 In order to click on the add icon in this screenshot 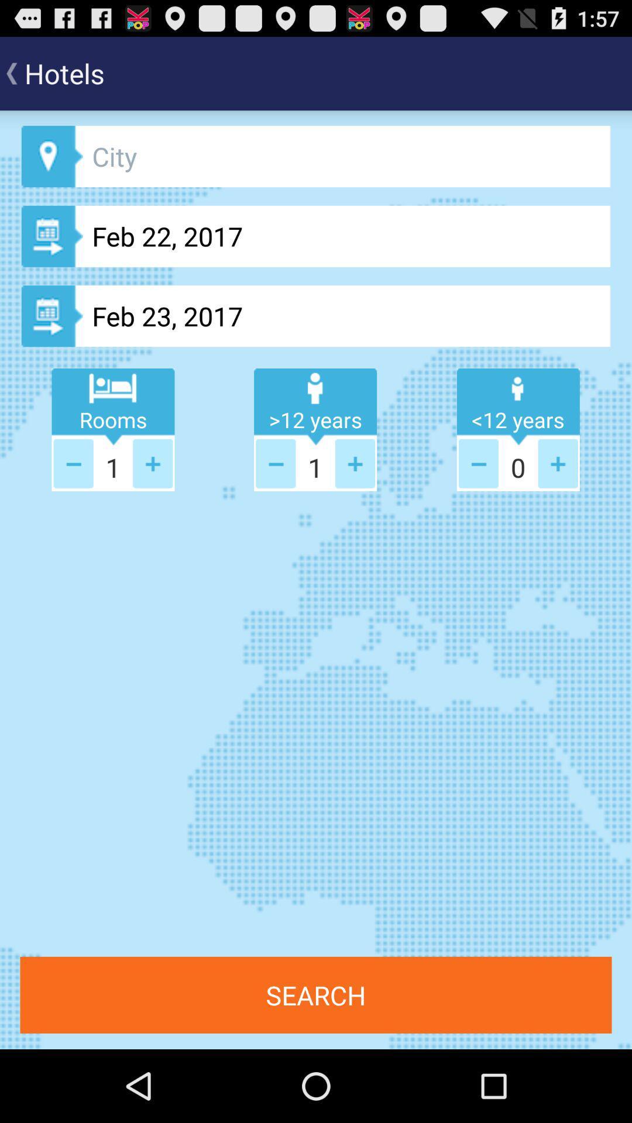, I will do `click(152, 496)`.